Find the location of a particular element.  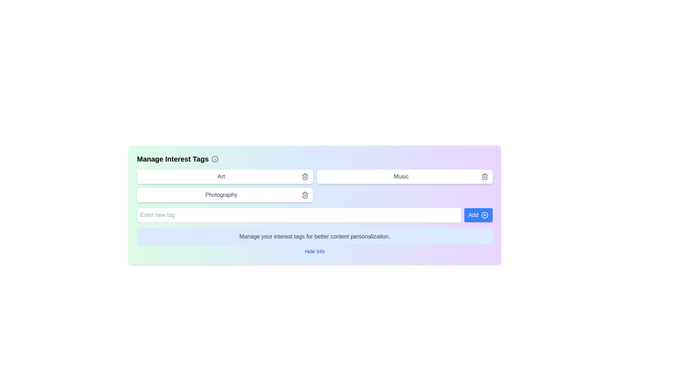

the 'Music' text tag, which is part of a composite component consisting of a label and a trash icon button, positioned in the second column of a two-column grid layout is located at coordinates (405, 176).